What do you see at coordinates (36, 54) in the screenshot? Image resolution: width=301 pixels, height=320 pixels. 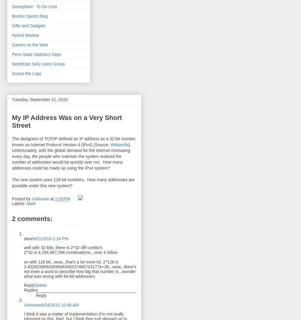 I see `'Penn State Statistics Dept.'` at bounding box center [36, 54].